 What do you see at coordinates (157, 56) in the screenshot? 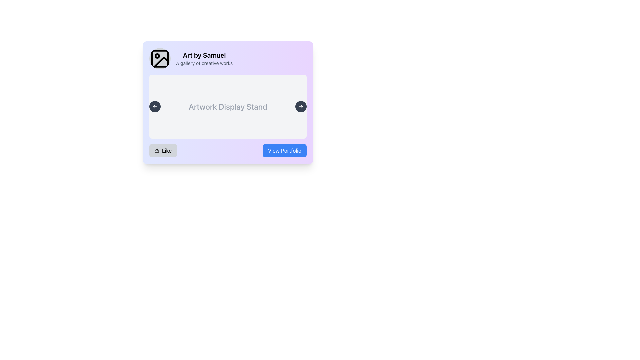
I see `the small circular shape within the framed image icon located at the top-left corner of the rectangular card` at bounding box center [157, 56].